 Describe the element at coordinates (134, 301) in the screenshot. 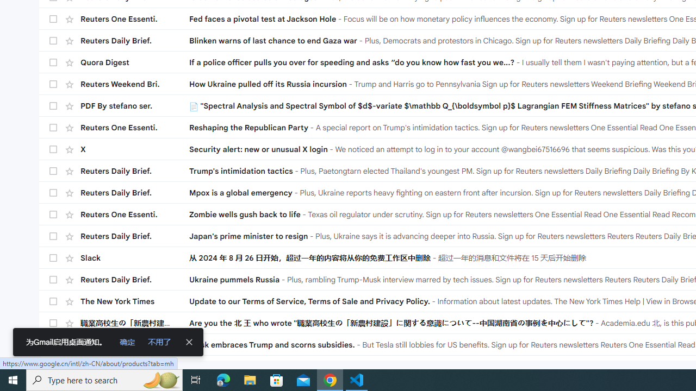

I see `'The New York Times'` at that location.